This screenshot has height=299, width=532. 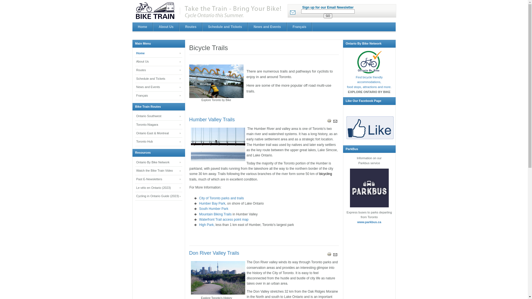 I want to click on 'Explore Toronto by Bike', so click(x=216, y=81).